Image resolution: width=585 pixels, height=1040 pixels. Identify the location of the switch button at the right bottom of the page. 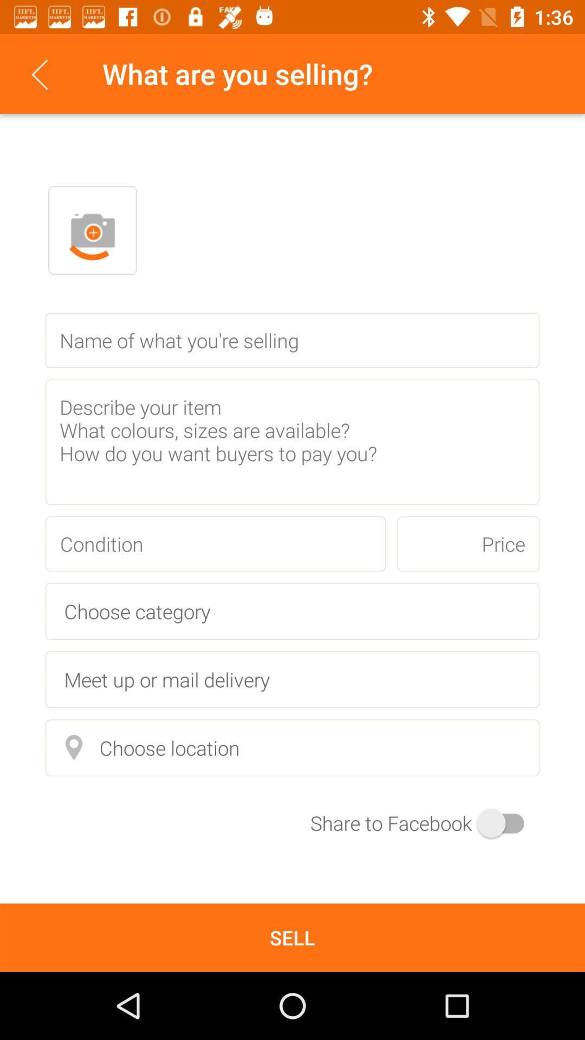
(424, 823).